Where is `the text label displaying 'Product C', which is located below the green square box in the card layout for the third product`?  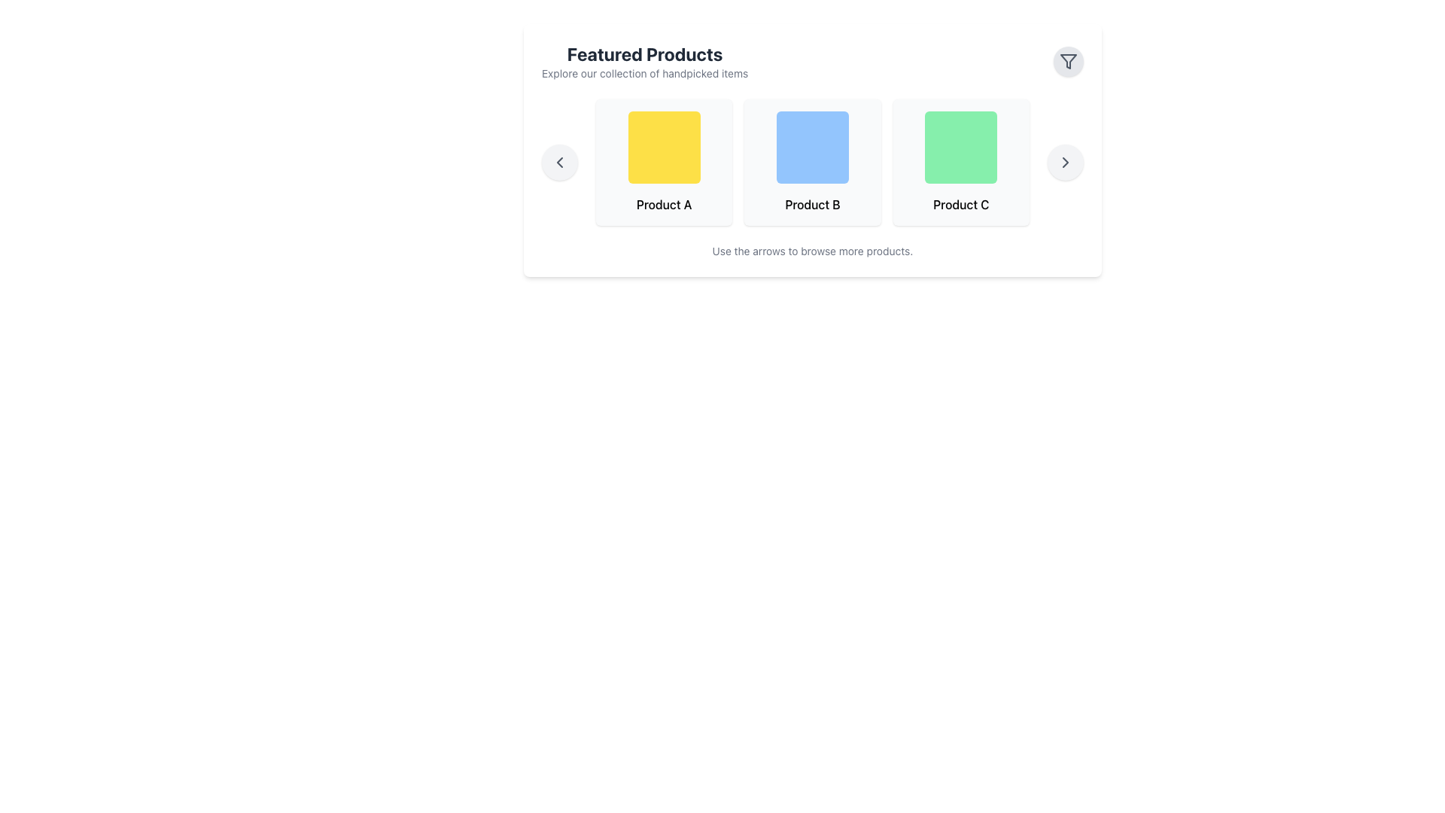 the text label displaying 'Product C', which is located below the green square box in the card layout for the third product is located at coordinates (960, 205).